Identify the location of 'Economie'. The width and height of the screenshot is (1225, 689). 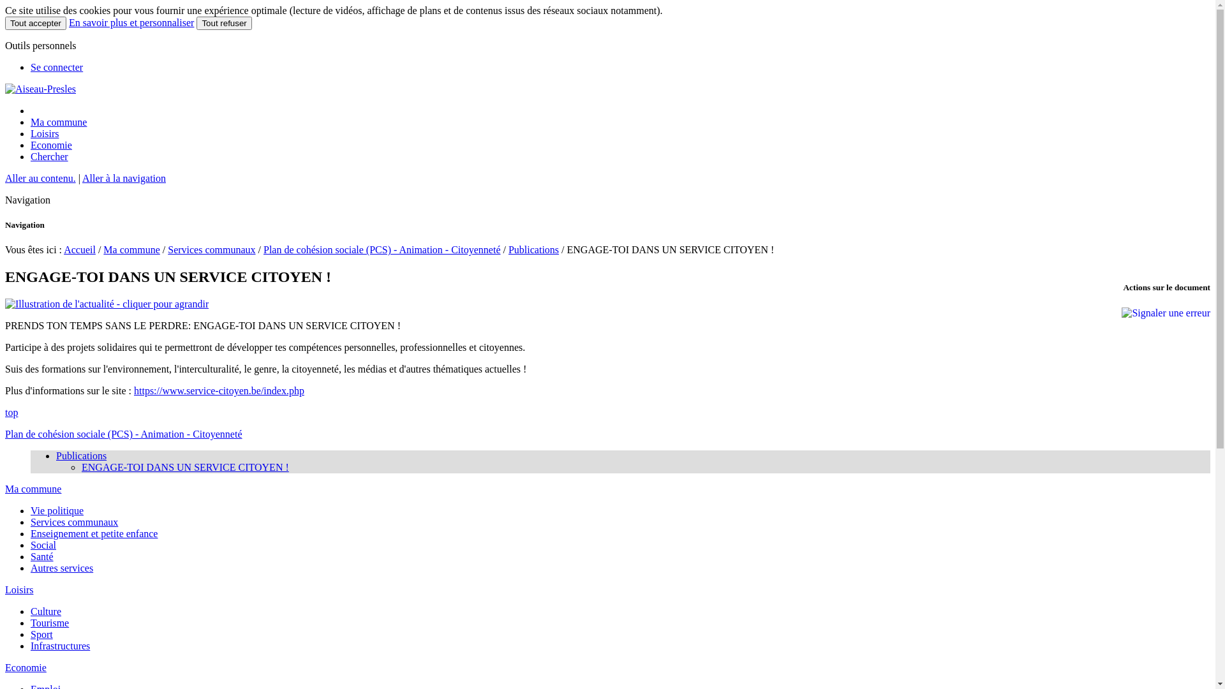
(26, 667).